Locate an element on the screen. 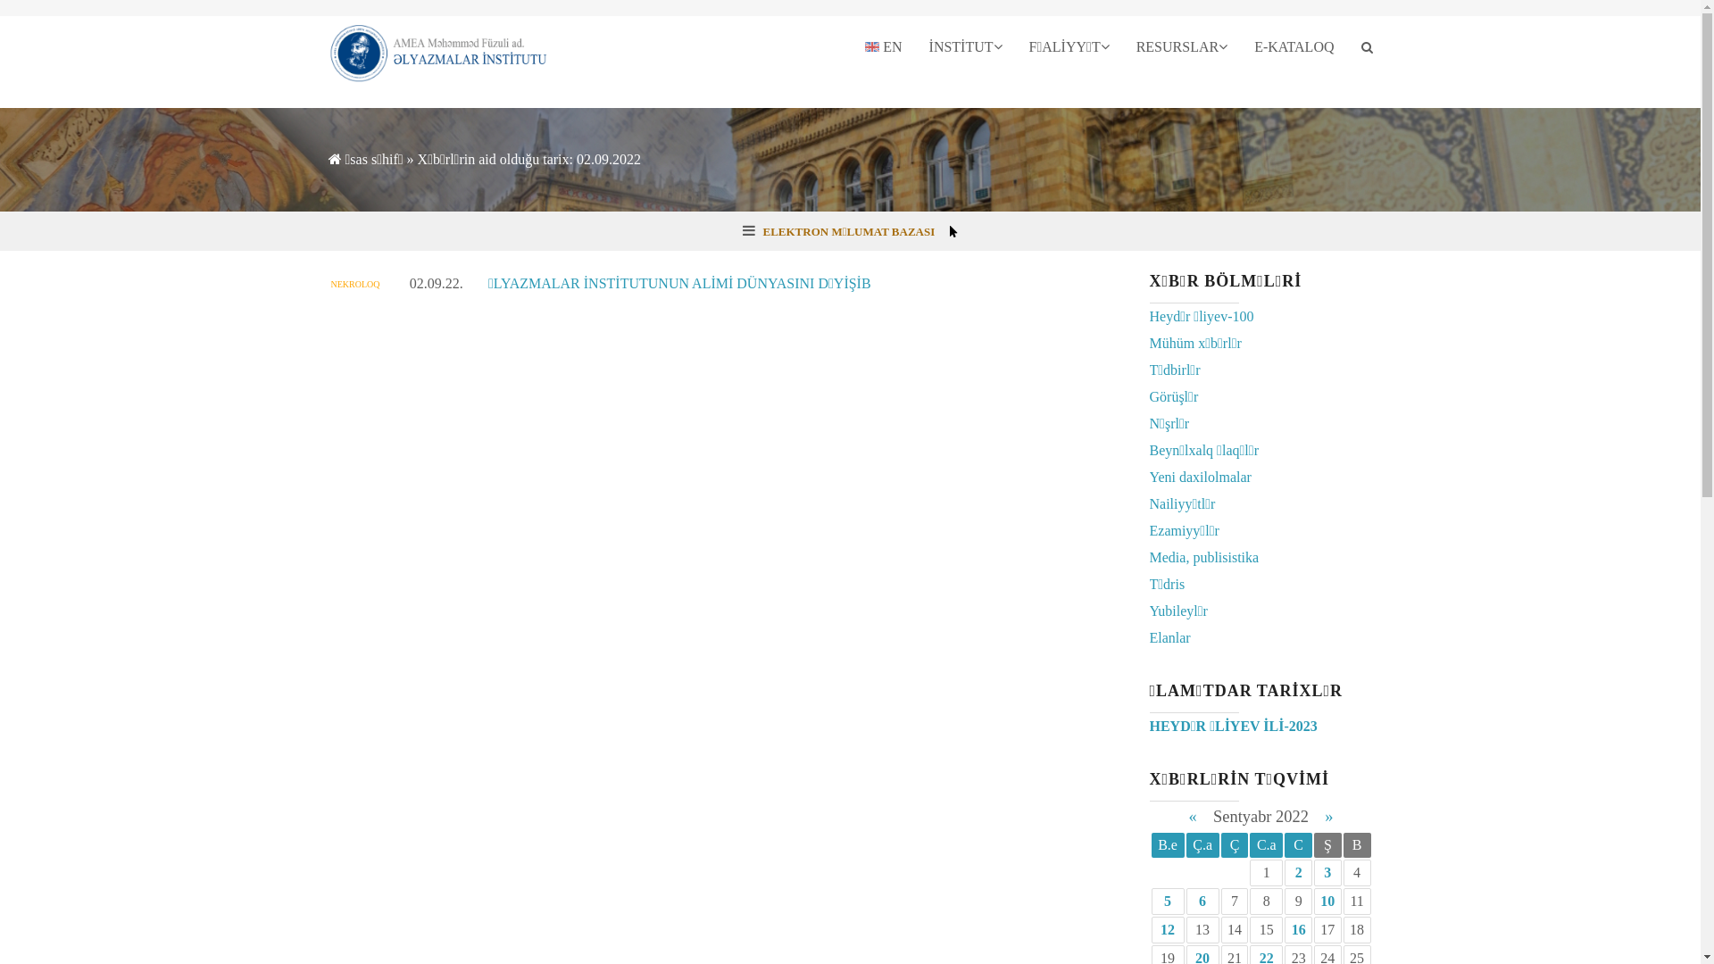  '6' is located at coordinates (1202, 901).